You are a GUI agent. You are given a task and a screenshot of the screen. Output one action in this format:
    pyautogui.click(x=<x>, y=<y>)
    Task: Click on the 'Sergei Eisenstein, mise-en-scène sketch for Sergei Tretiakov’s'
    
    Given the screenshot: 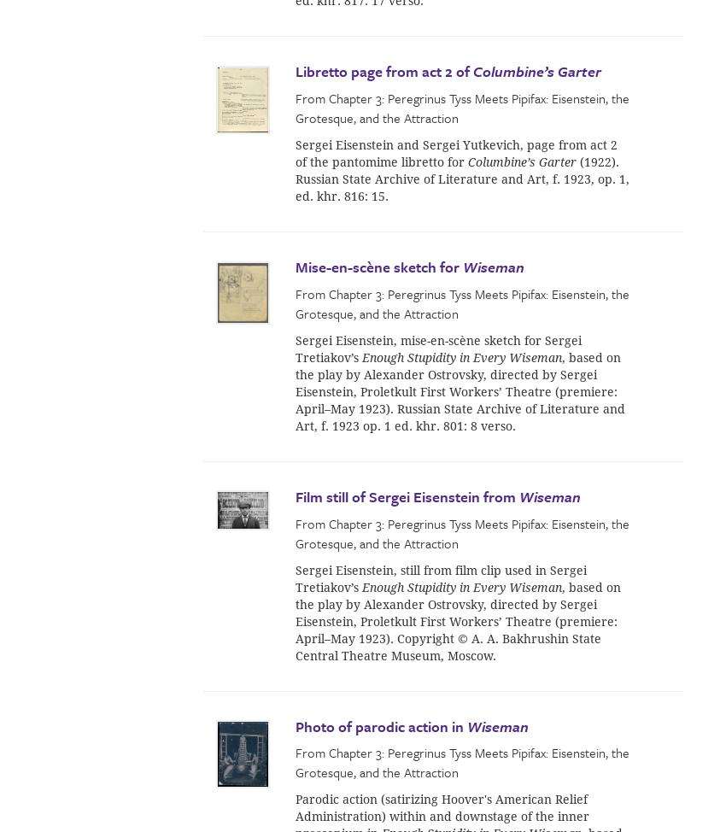 What is the action you would take?
    pyautogui.click(x=437, y=348)
    